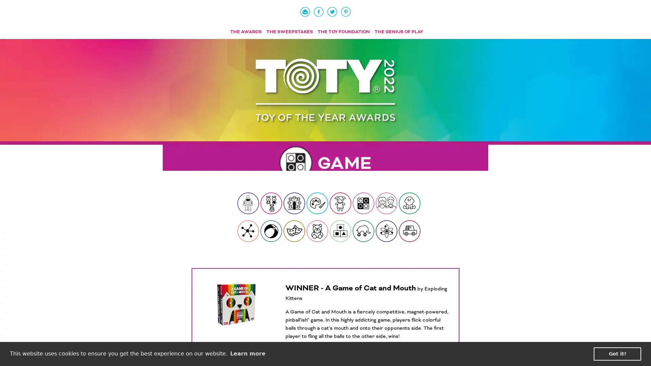 The image size is (651, 366). What do you see at coordinates (340, 203) in the screenshot?
I see `Submit` at bounding box center [340, 203].